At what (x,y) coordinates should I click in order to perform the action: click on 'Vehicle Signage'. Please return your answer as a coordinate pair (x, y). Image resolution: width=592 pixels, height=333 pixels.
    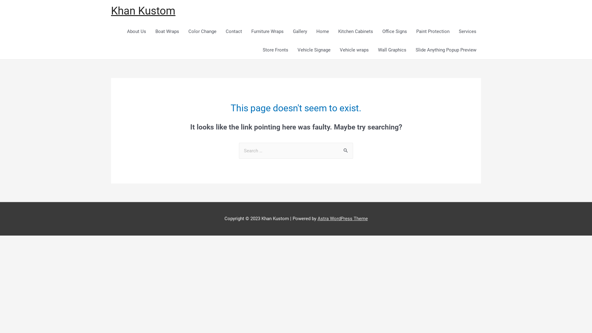
    Looking at the image, I should click on (314, 50).